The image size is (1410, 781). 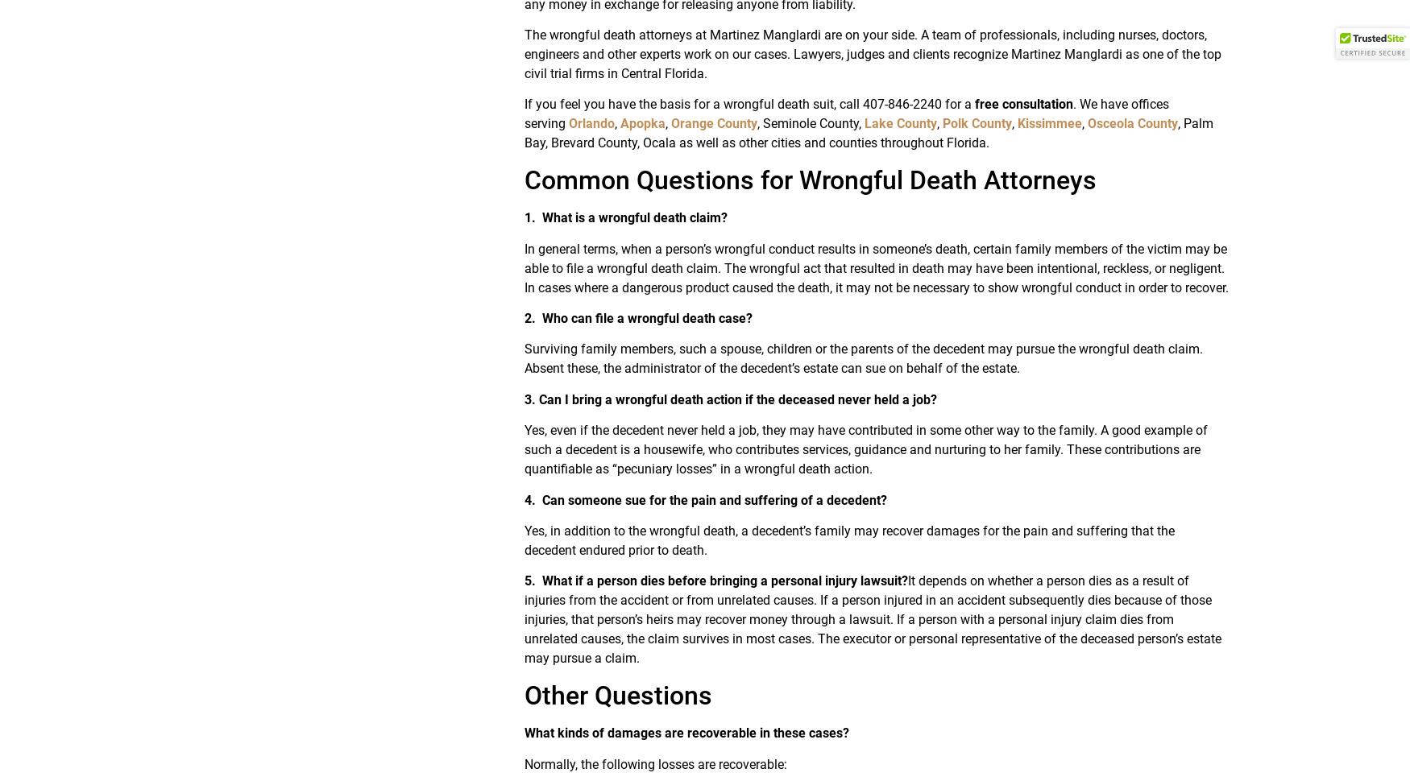 I want to click on '4.', so click(x=522, y=499).